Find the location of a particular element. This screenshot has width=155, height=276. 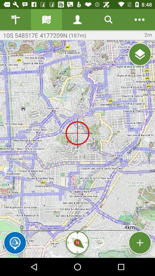

get directions is located at coordinates (46, 20).